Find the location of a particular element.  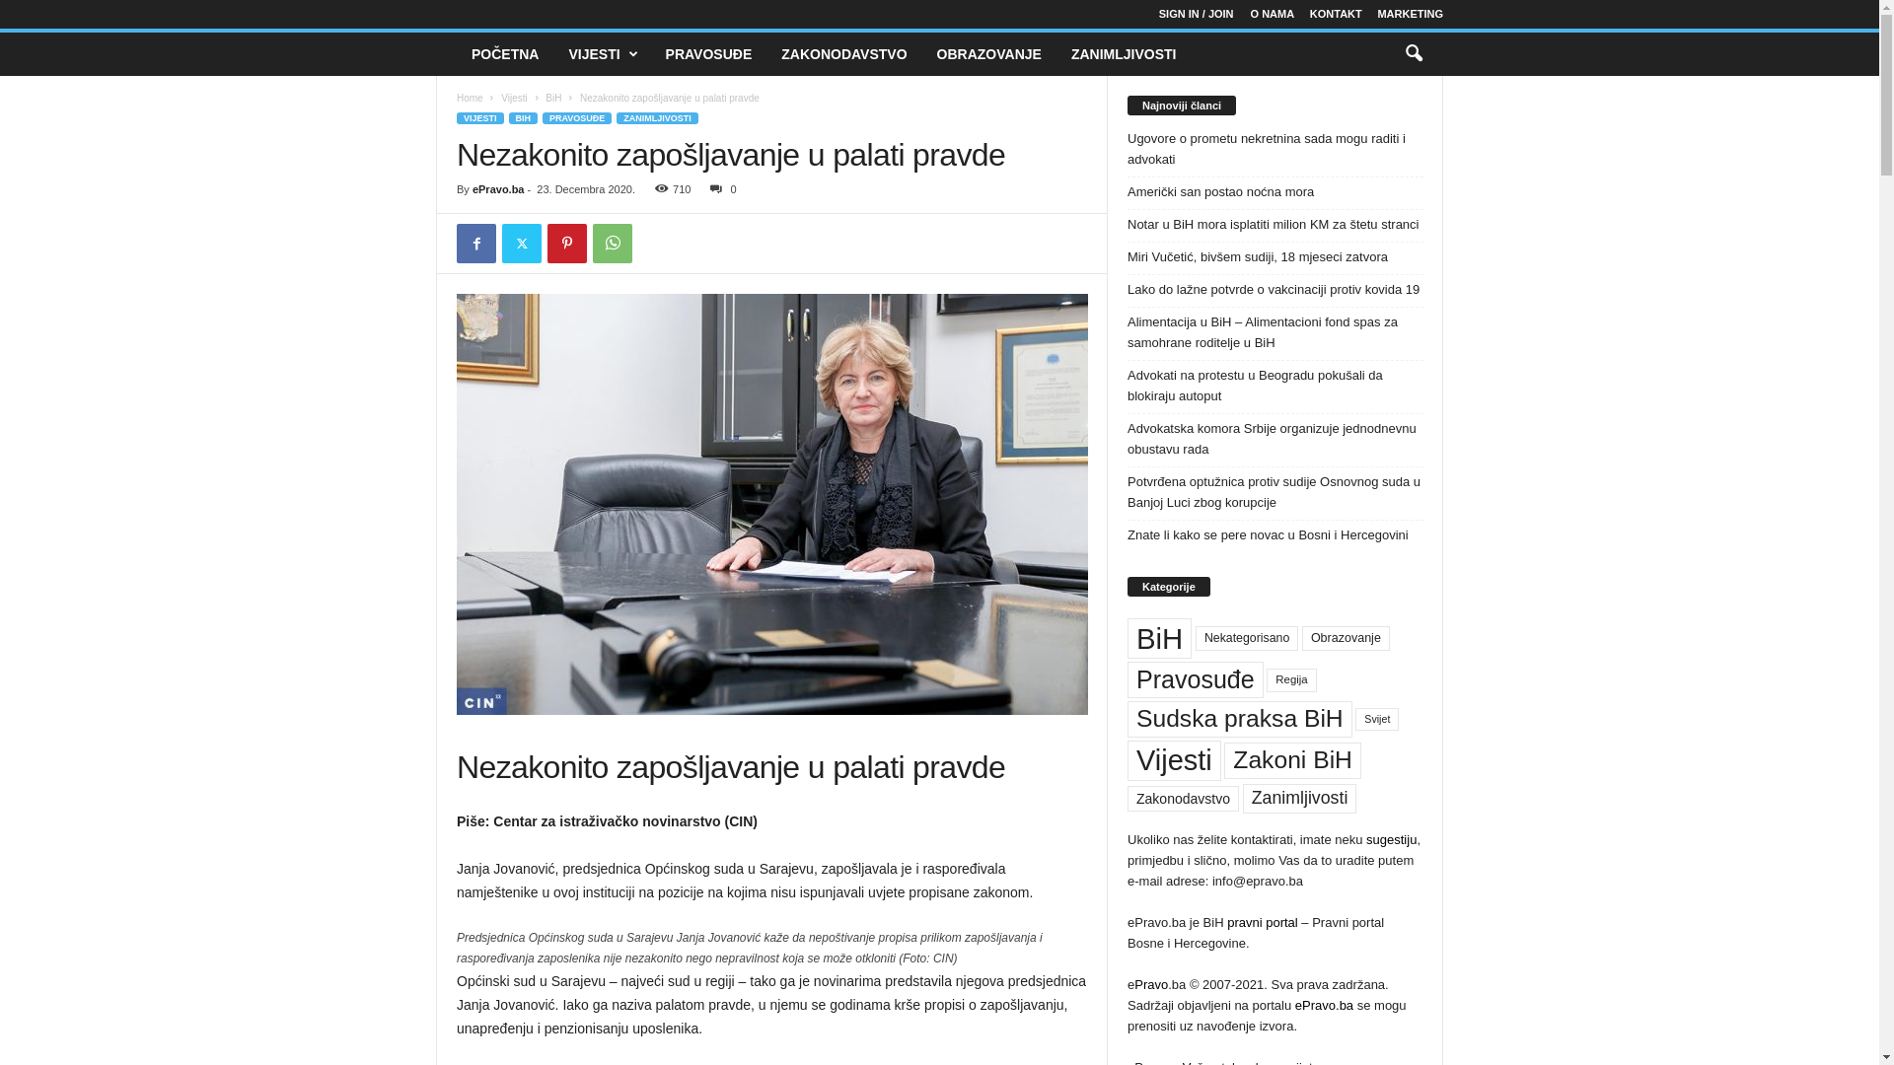

'ZAKONODAVSTVO' is located at coordinates (843, 52).